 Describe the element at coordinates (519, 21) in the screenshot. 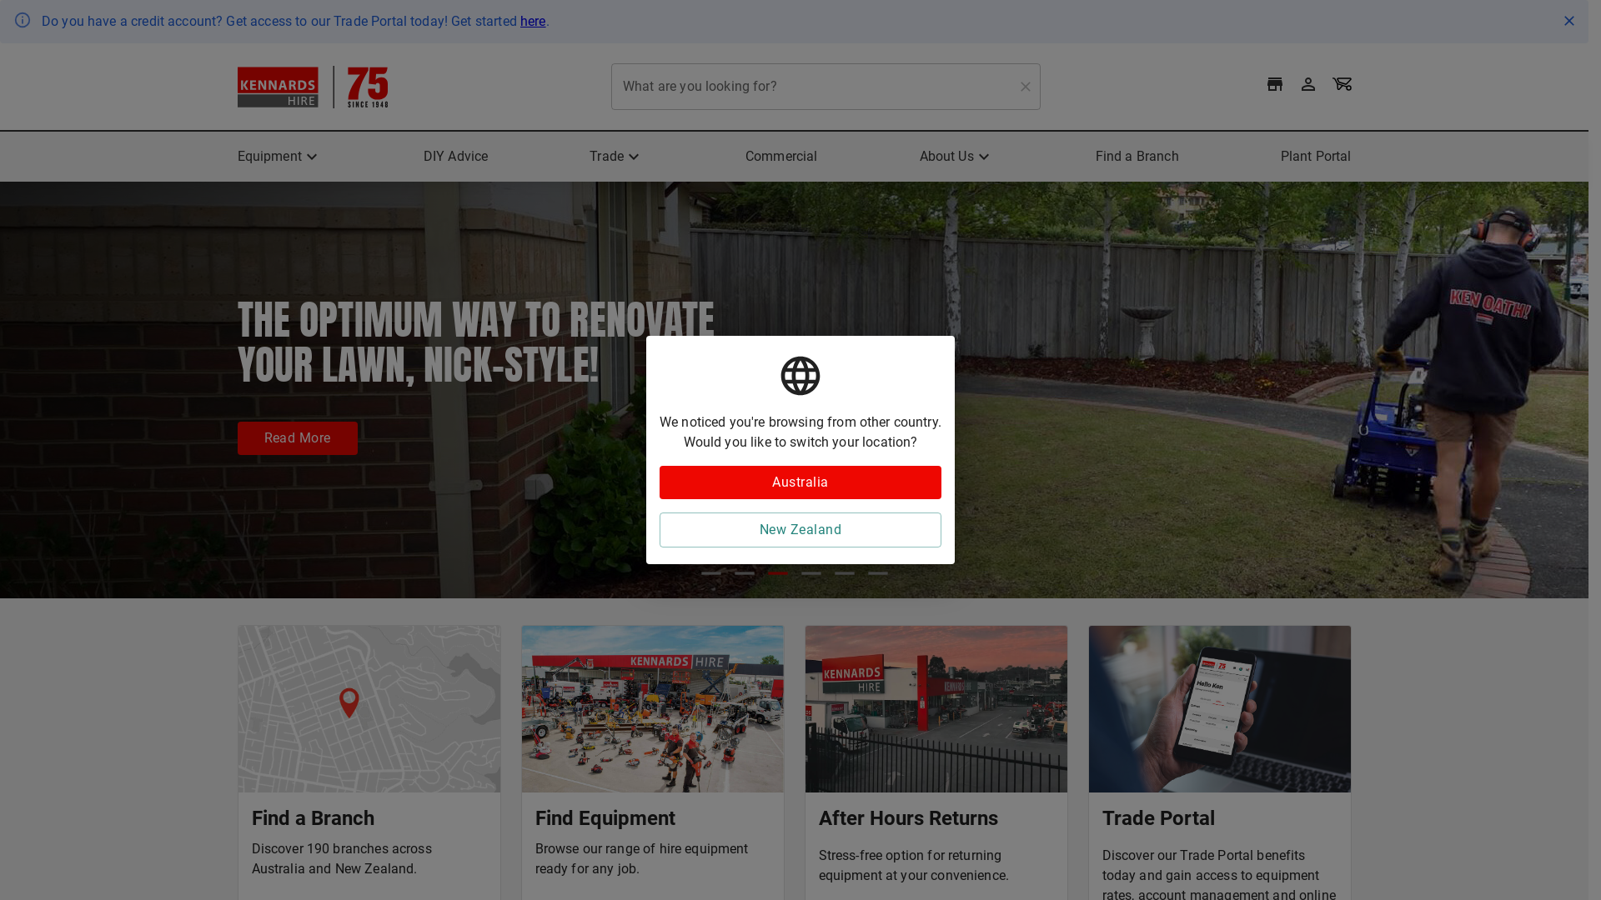

I see `'here'` at that location.